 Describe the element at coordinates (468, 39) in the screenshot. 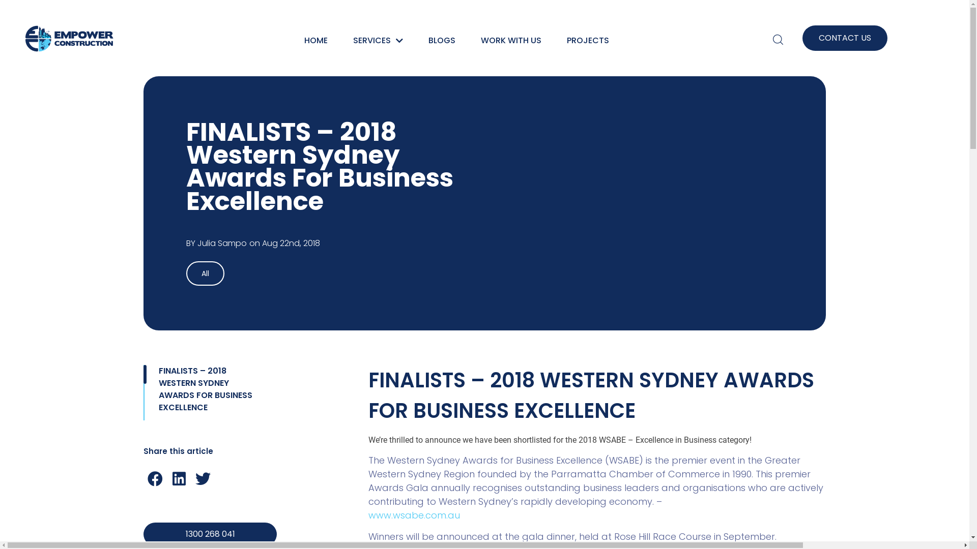

I see `'WORK WITH US'` at that location.